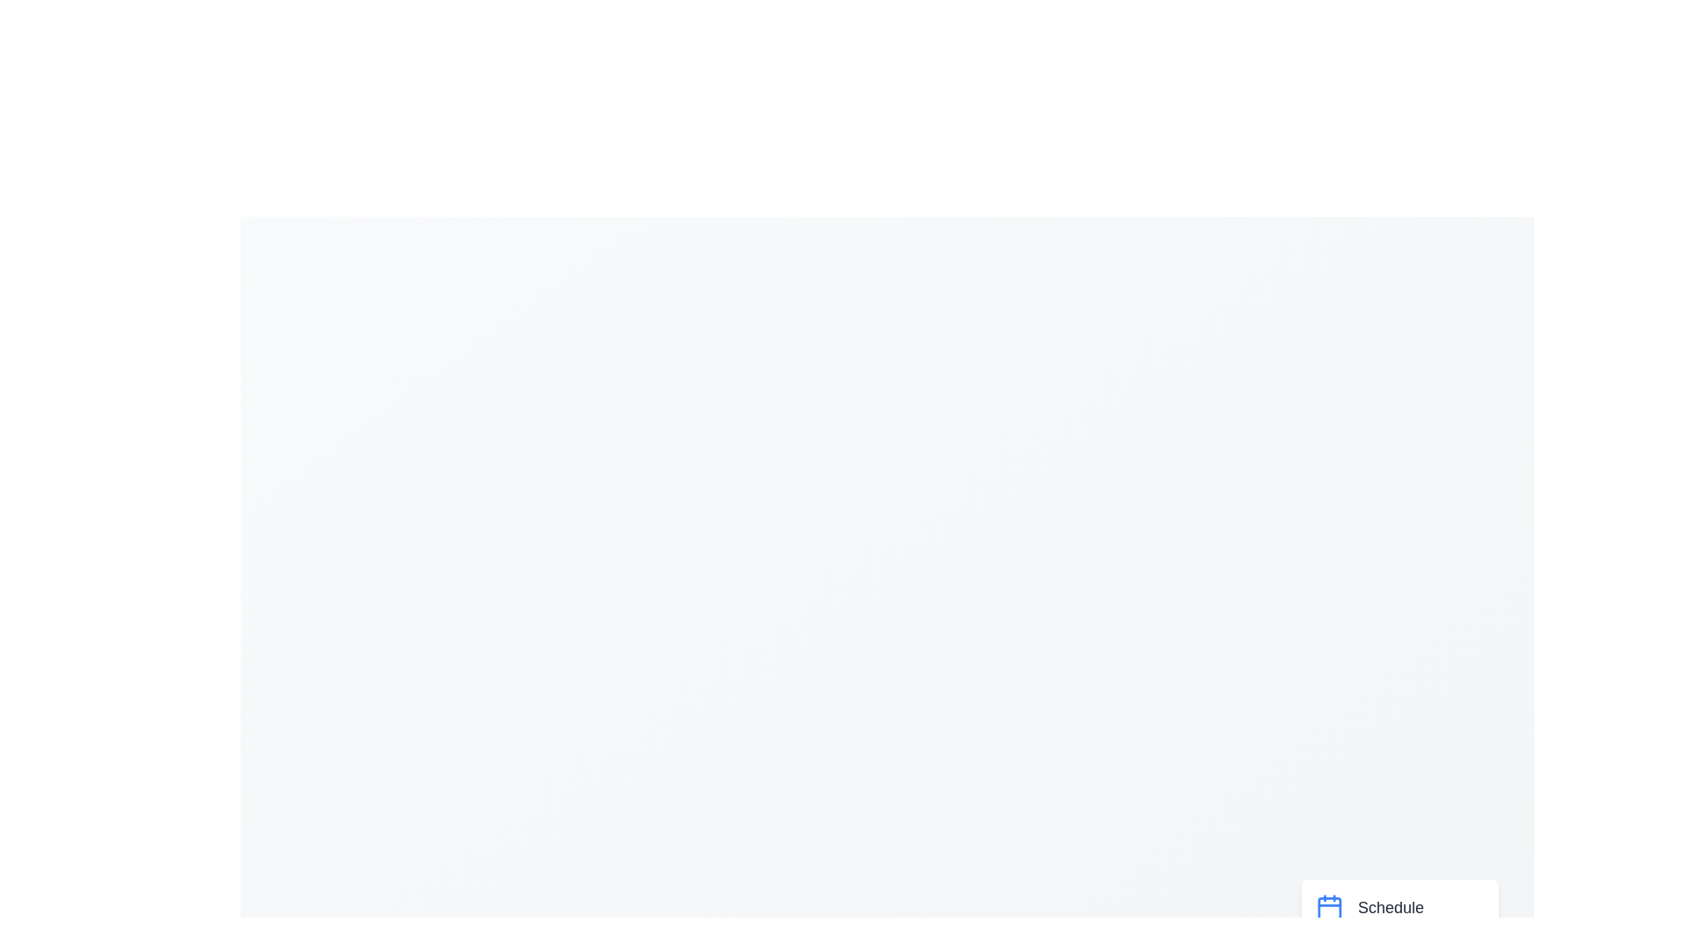  What do you see at coordinates (1399, 907) in the screenshot?
I see `the 'Schedule' category button` at bounding box center [1399, 907].